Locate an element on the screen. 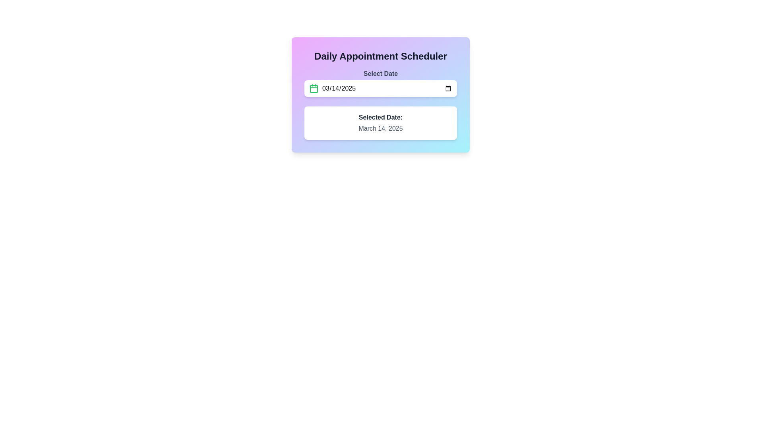 Image resolution: width=763 pixels, height=429 pixels. the text label displaying 'March 14, 2025', which is styled in gray font and is located underneath the 'Selected Date:' label is located at coordinates (380, 128).